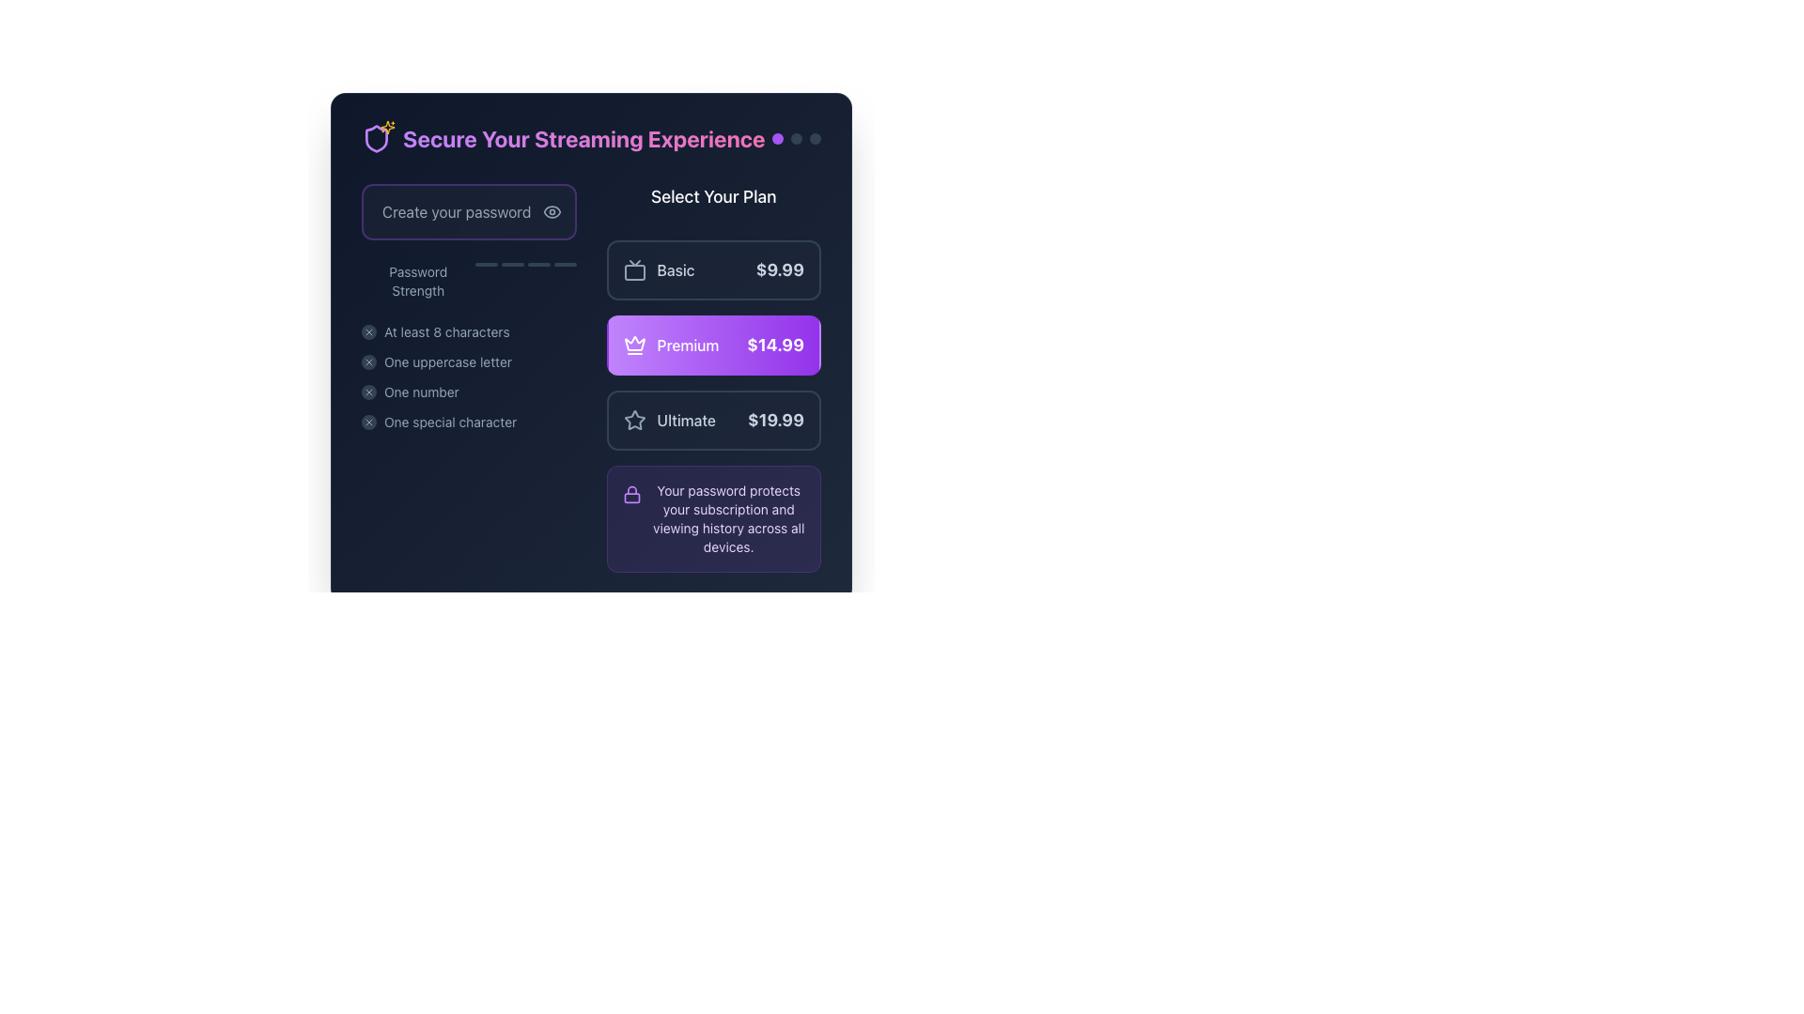 This screenshot has width=1804, height=1014. I want to click on the eye-shaped icon button located at the right edge of the 'Create your password' input field, so click(551, 211).